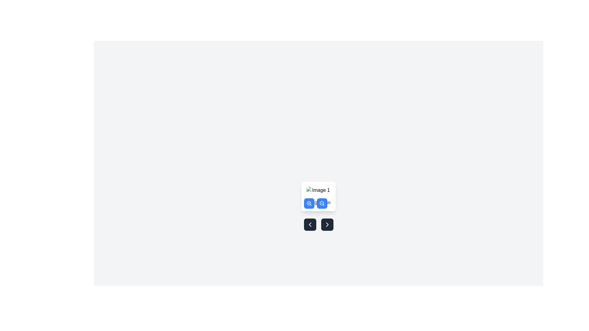  What do you see at coordinates (318, 190) in the screenshot?
I see `small image placeholder with a light gray border and rounded corners located at the top of the card-like component, positioned above the text label 'Image One'` at bounding box center [318, 190].